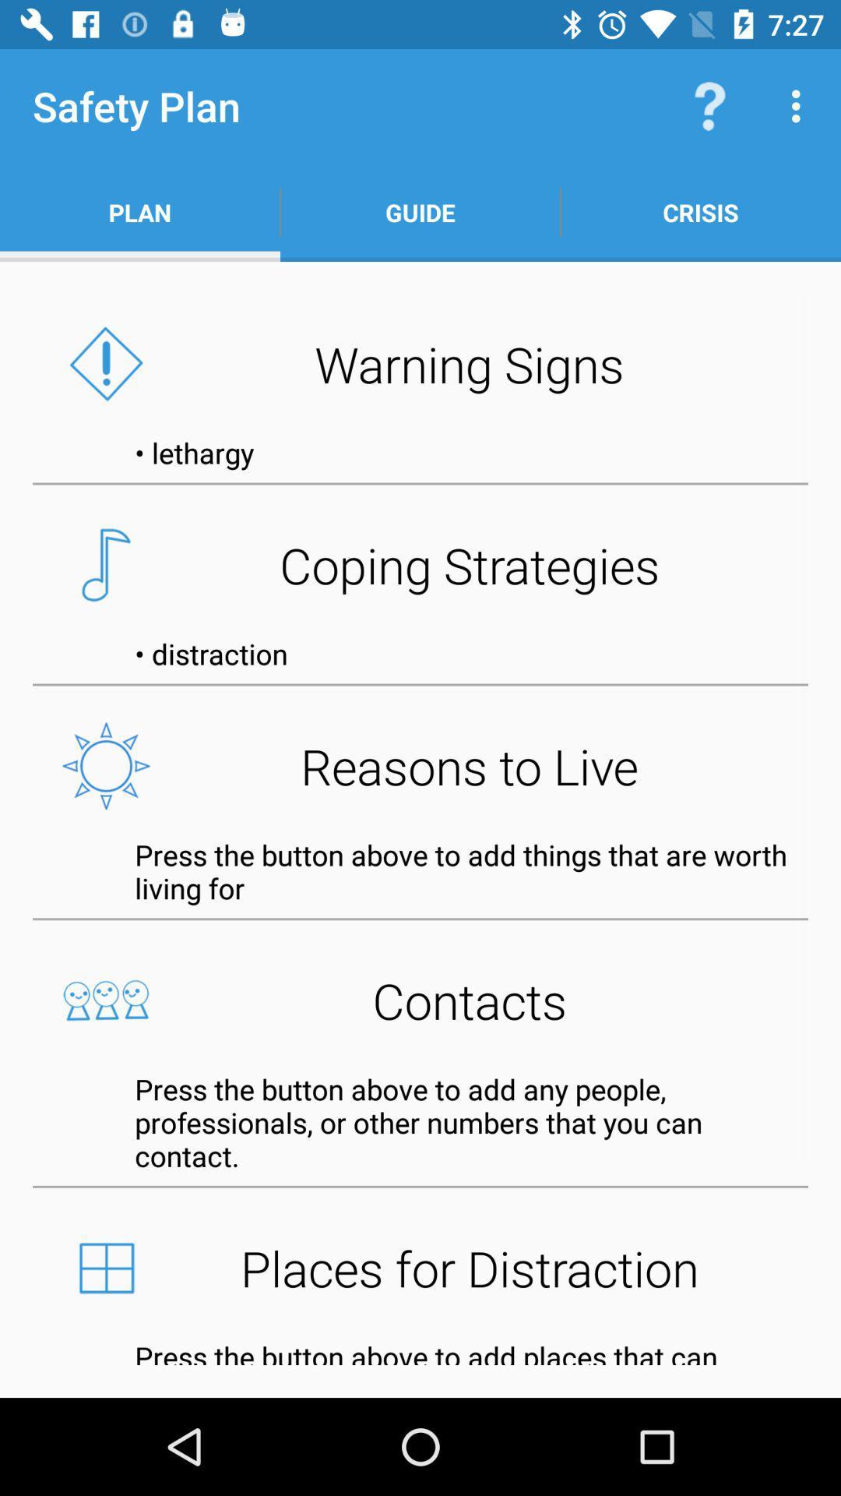  Describe the element at coordinates (420, 363) in the screenshot. I see `the warning signs icon` at that location.